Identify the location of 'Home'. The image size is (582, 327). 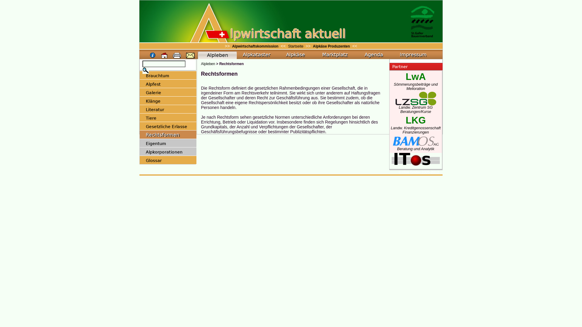
(164, 56).